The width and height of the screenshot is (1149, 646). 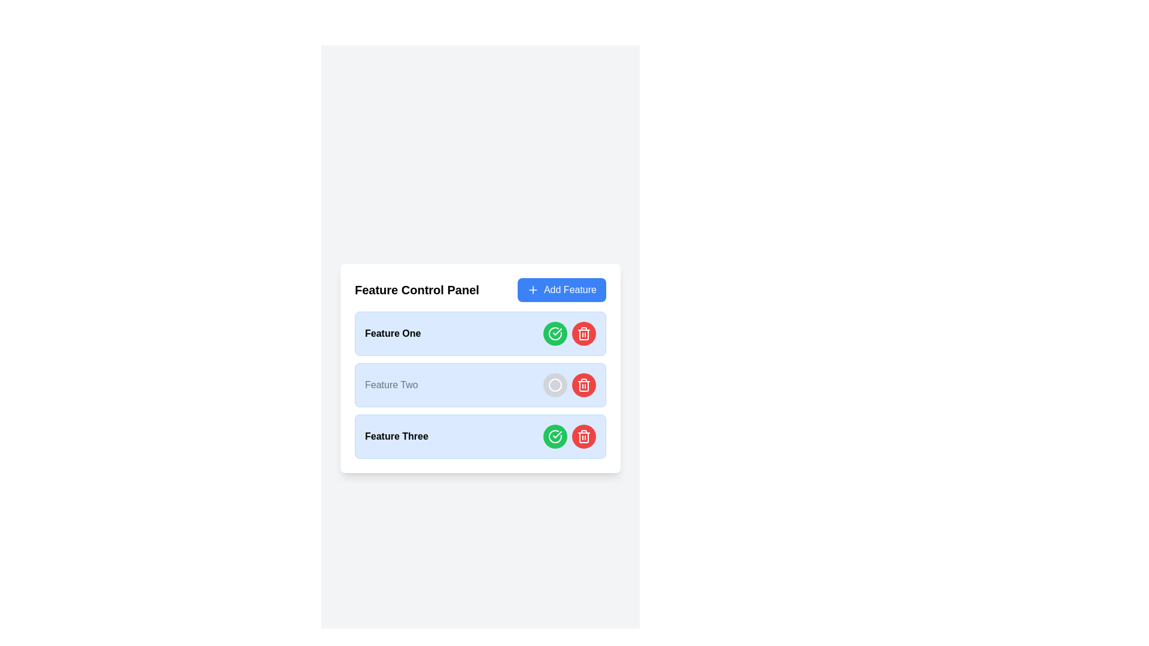 What do you see at coordinates (561, 290) in the screenshot?
I see `the 'Add Feature' button located at the far right of the 'Feature Control Panel' section to observe the hover effect` at bounding box center [561, 290].